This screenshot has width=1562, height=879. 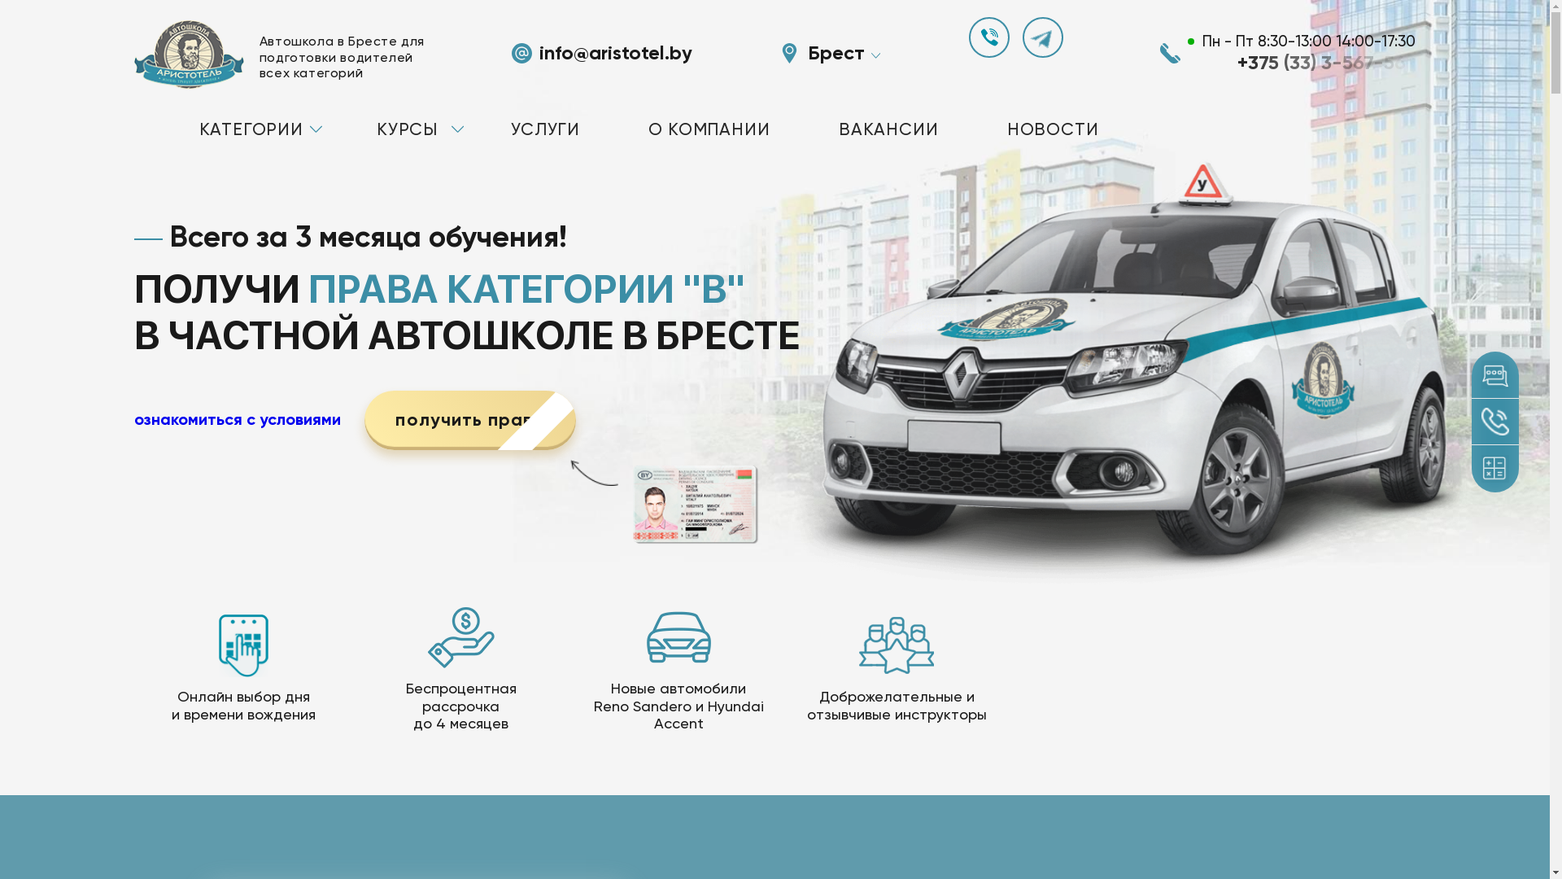 I want to click on '+375 (33) 3-567-56', so click(x=1237, y=61).